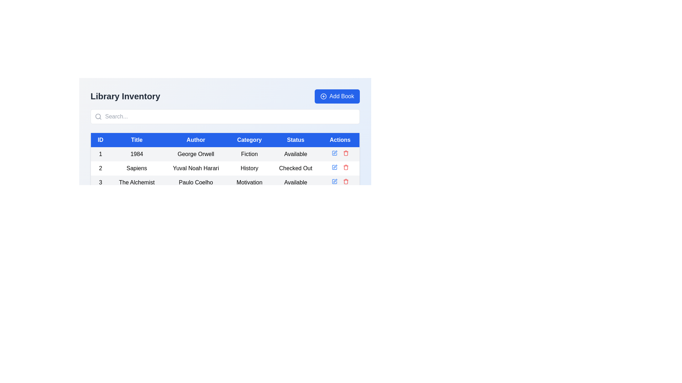  Describe the element at coordinates (224, 168) in the screenshot. I see `the second row in the book details table, which contains the book 'Sapiens' by Yuval Noah Harari` at that location.